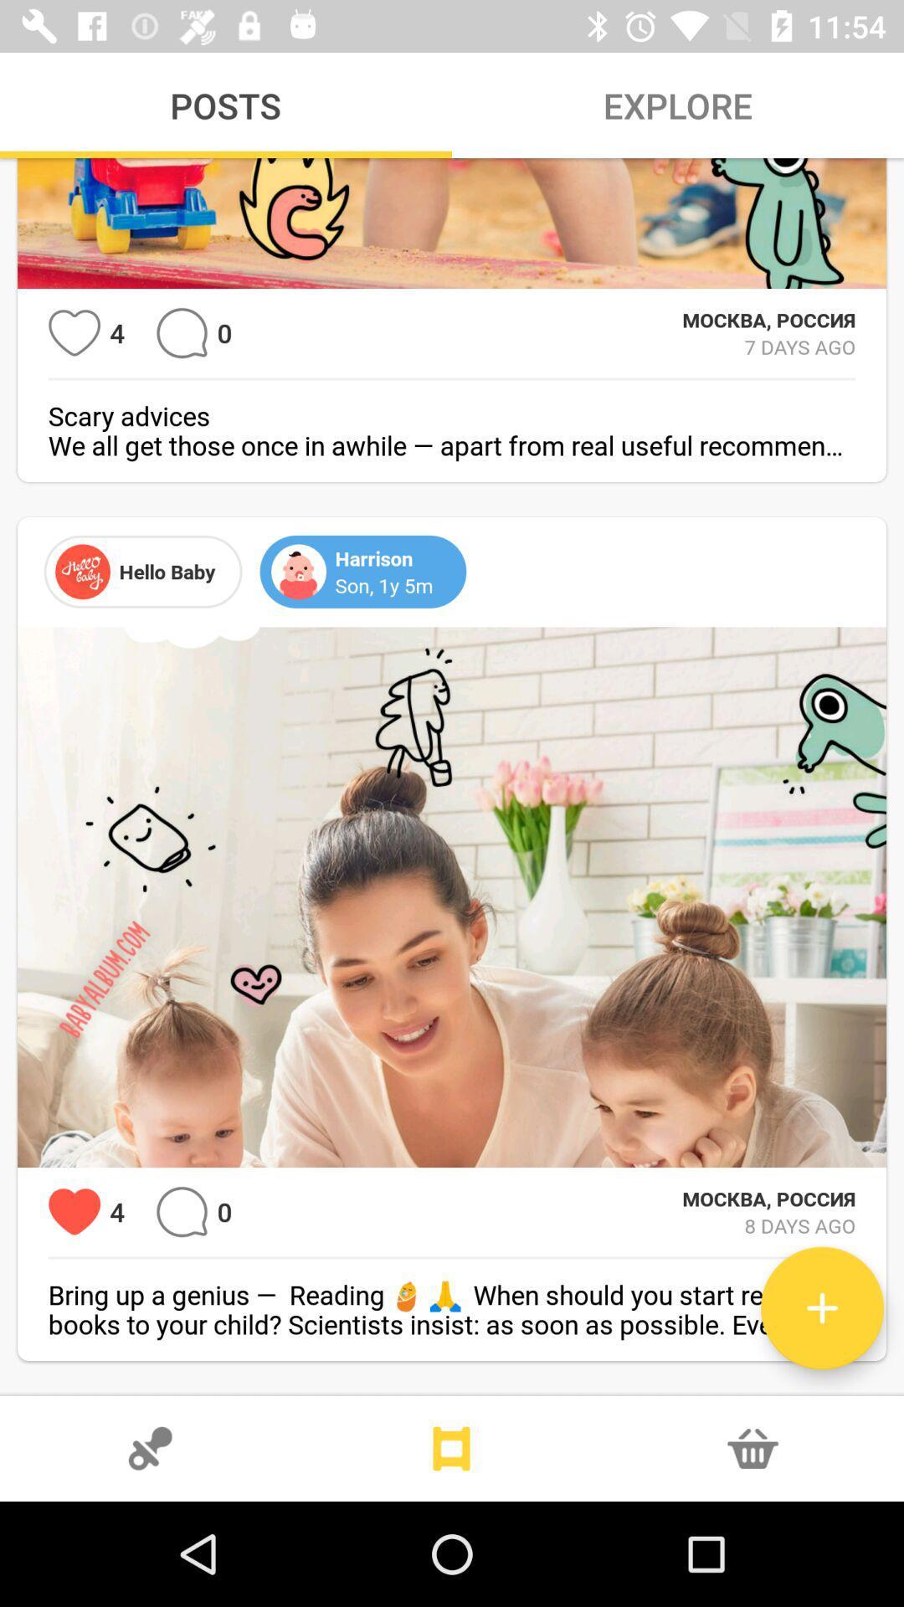  What do you see at coordinates (452, 1448) in the screenshot?
I see `see more videos` at bounding box center [452, 1448].